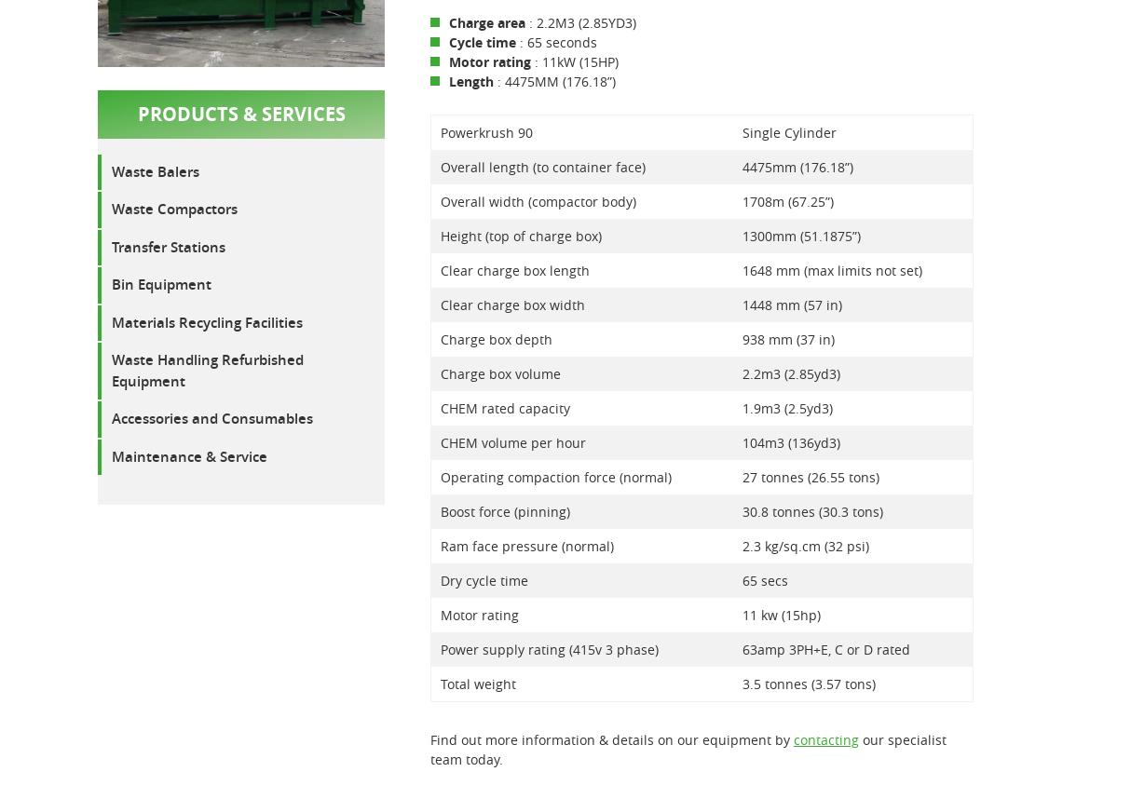 Image resolution: width=1131 pixels, height=799 pixels. I want to click on '1.9m3 (2.5yd3)', so click(786, 407).